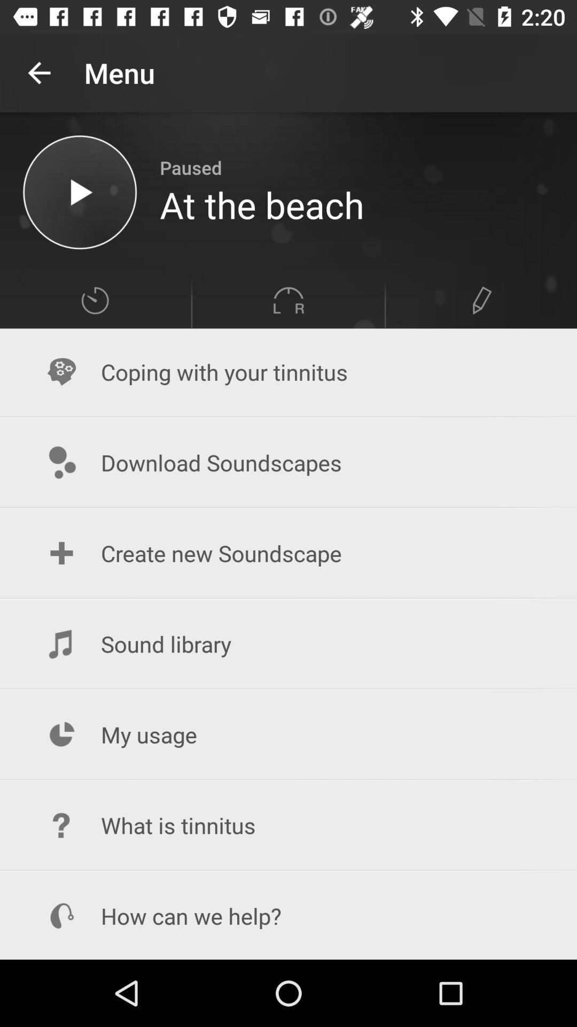 The height and width of the screenshot is (1027, 577). Describe the element at coordinates (288, 553) in the screenshot. I see `the create new soundscape` at that location.